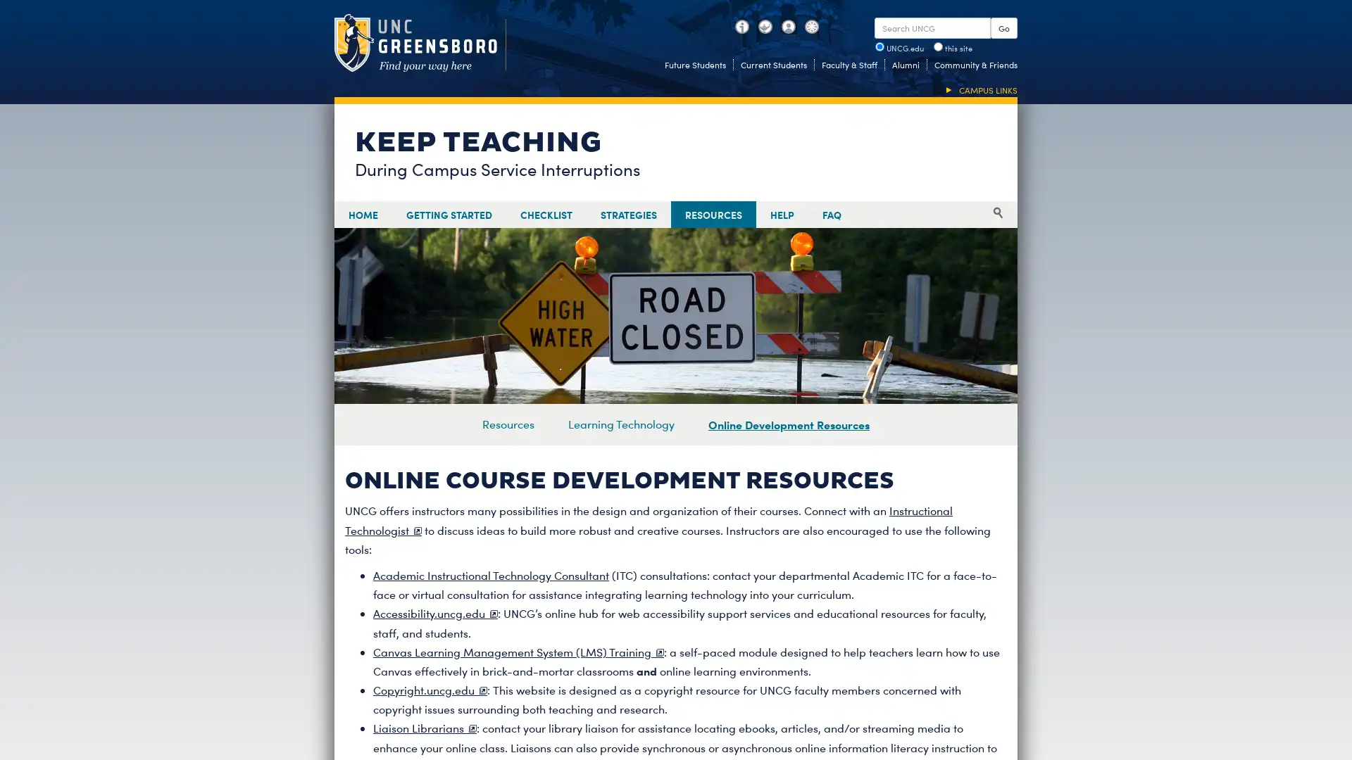 This screenshot has height=760, width=1352. Describe the element at coordinates (1003, 27) in the screenshot. I see `Go` at that location.